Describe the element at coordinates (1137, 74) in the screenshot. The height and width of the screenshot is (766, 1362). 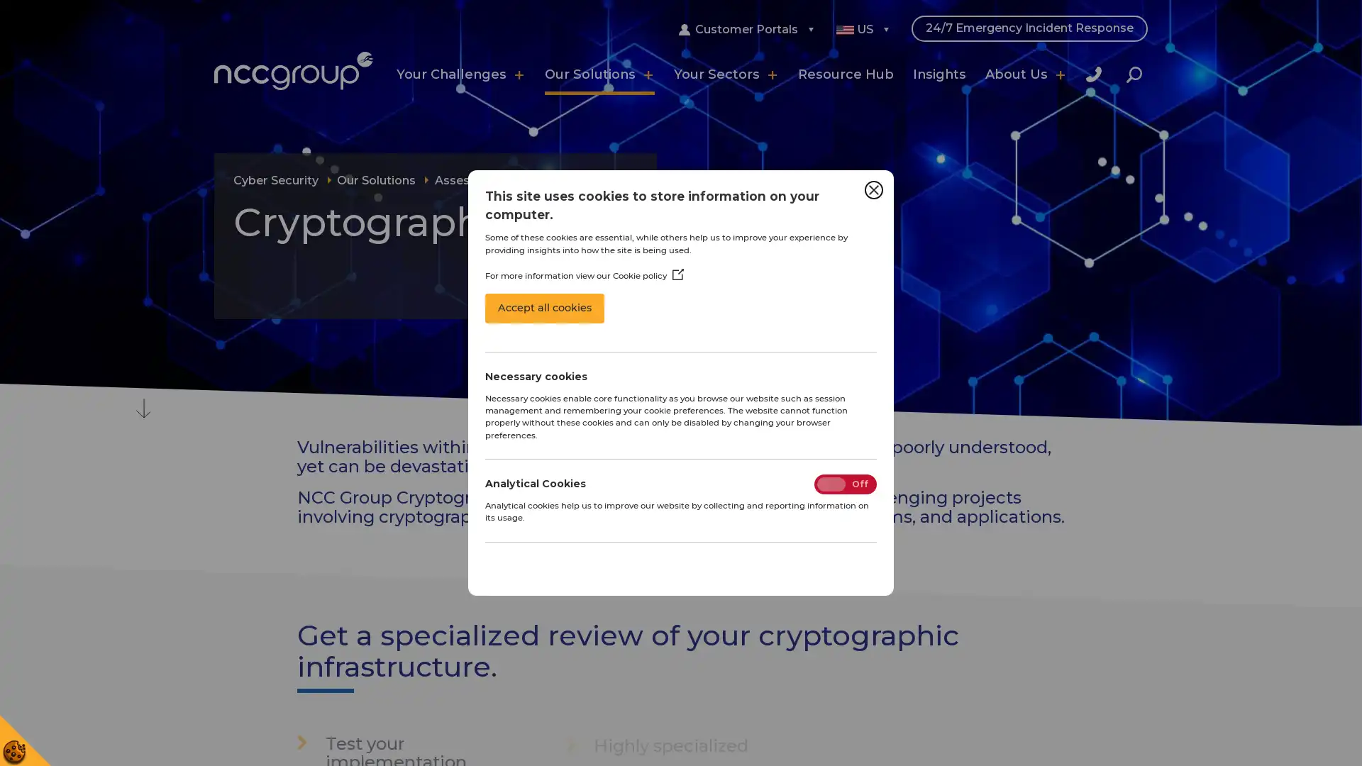
I see `Search` at that location.